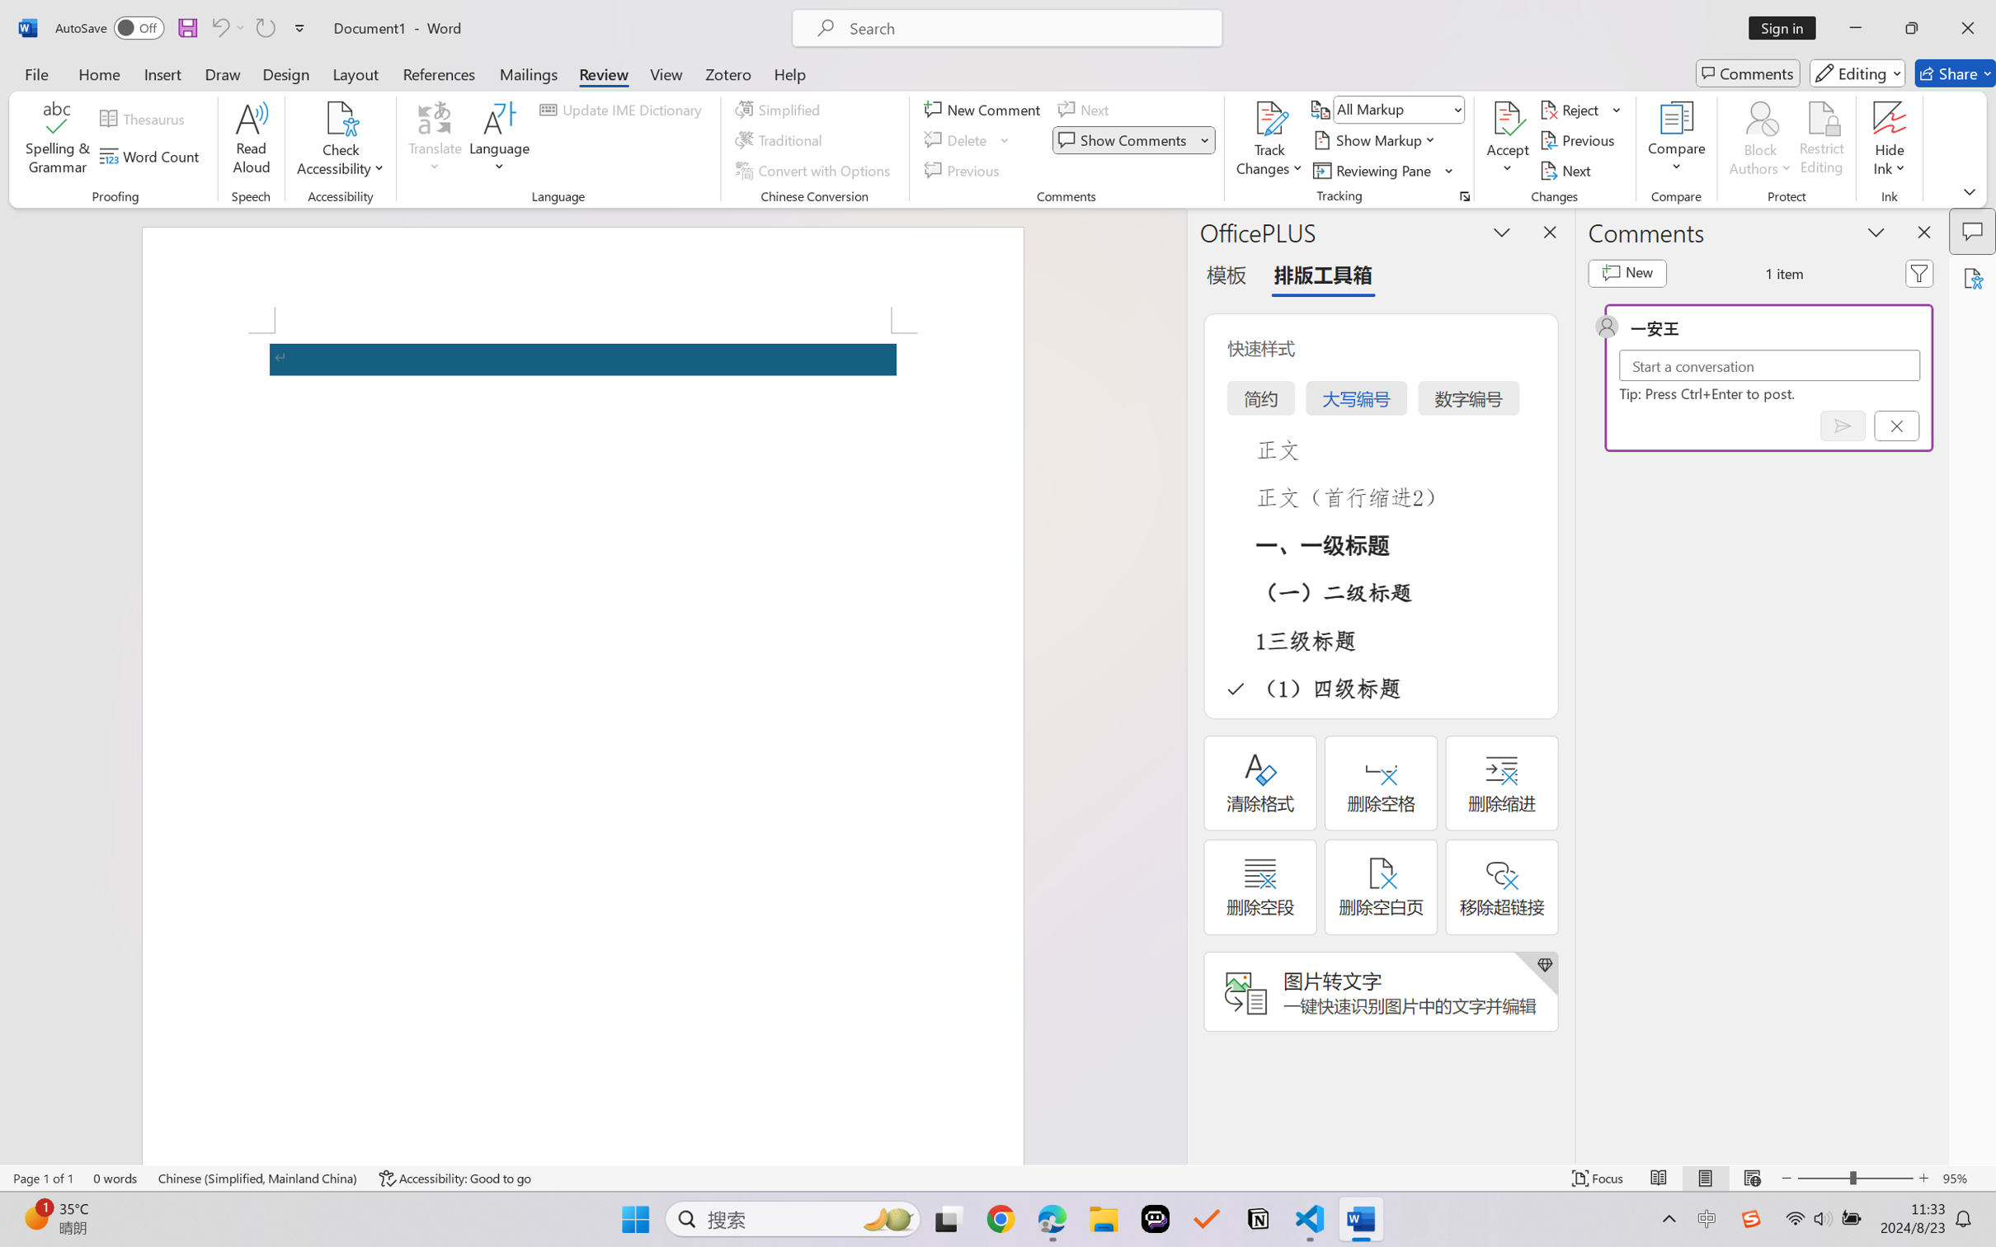 This screenshot has height=1247, width=1996. Describe the element at coordinates (340, 118) in the screenshot. I see `'Check Accessibility'` at that location.